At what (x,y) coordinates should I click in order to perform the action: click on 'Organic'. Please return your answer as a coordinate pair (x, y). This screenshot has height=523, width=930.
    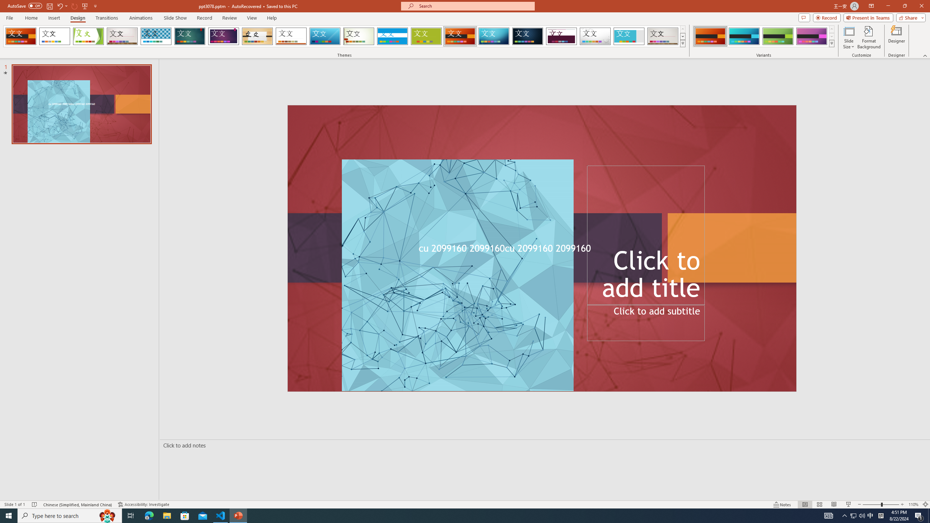
    Looking at the image, I should click on (258, 36).